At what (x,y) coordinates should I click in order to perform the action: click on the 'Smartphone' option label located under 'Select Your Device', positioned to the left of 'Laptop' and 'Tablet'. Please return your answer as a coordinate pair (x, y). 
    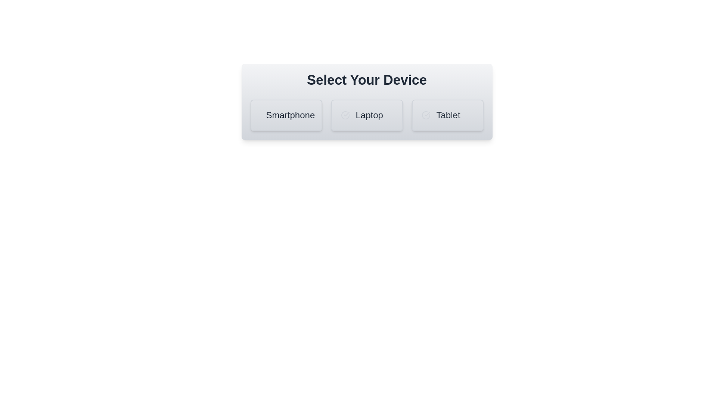
    Looking at the image, I should click on (290, 115).